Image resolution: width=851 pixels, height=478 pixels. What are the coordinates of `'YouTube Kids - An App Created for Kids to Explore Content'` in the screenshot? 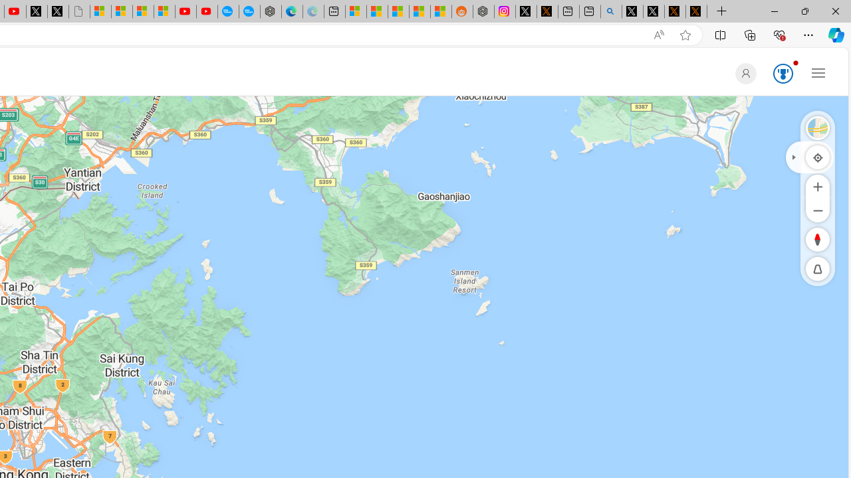 It's located at (206, 11).